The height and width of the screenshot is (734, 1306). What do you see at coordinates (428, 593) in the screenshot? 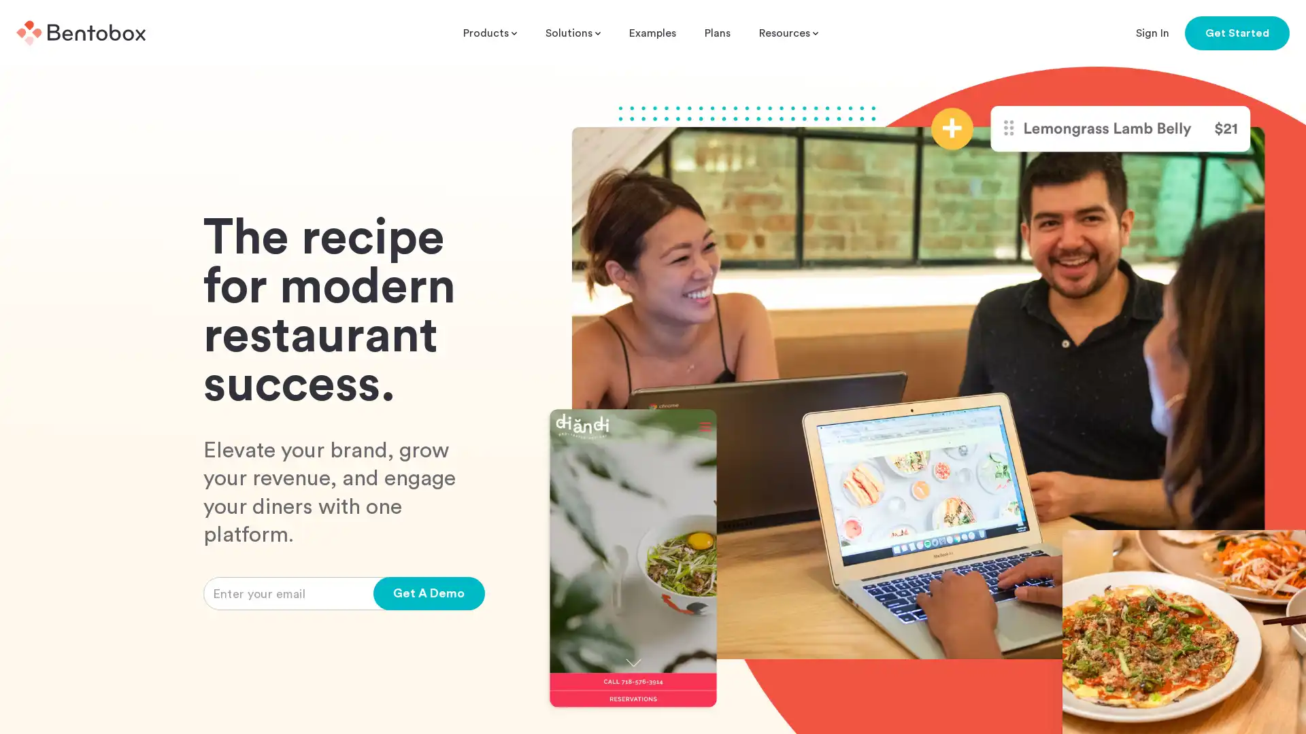
I see `Get A Demo` at bounding box center [428, 593].